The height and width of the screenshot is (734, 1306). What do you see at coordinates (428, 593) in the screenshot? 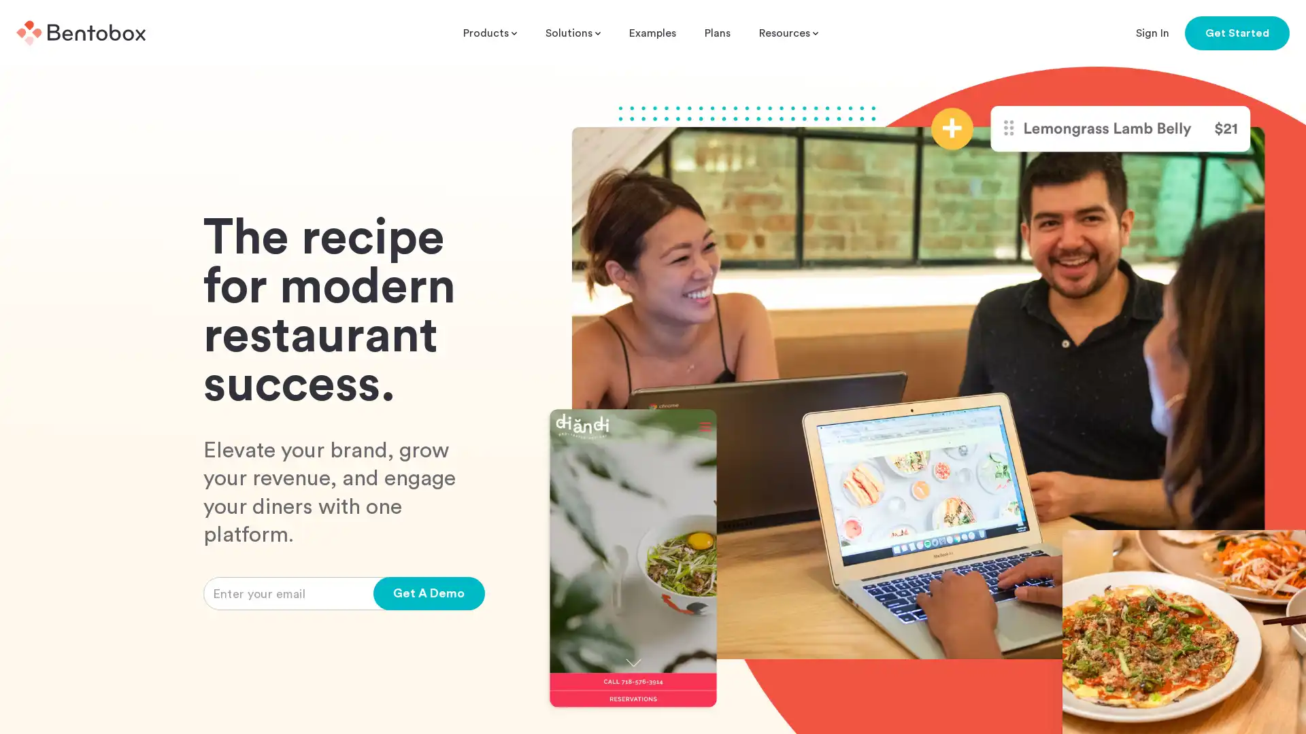
I see `Get A Demo` at bounding box center [428, 593].